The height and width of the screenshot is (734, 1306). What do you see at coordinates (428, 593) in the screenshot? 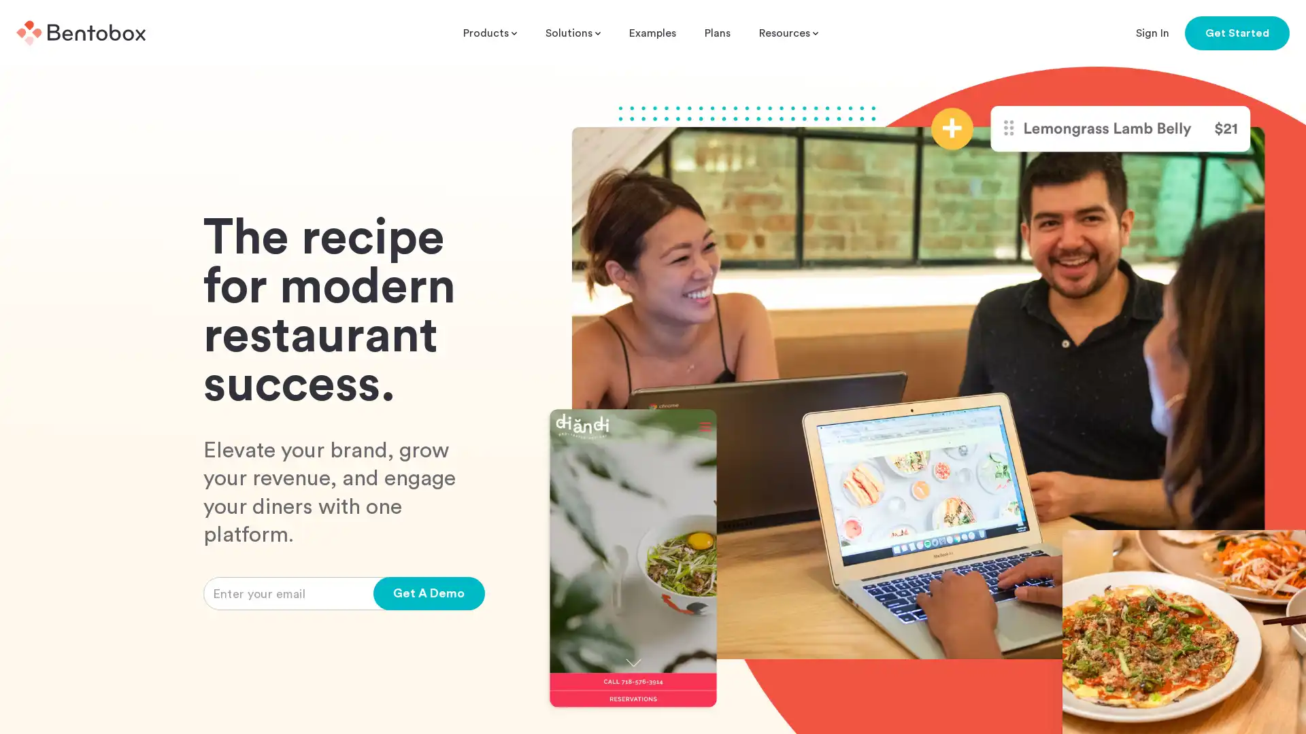
I see `Get A Demo` at bounding box center [428, 593].